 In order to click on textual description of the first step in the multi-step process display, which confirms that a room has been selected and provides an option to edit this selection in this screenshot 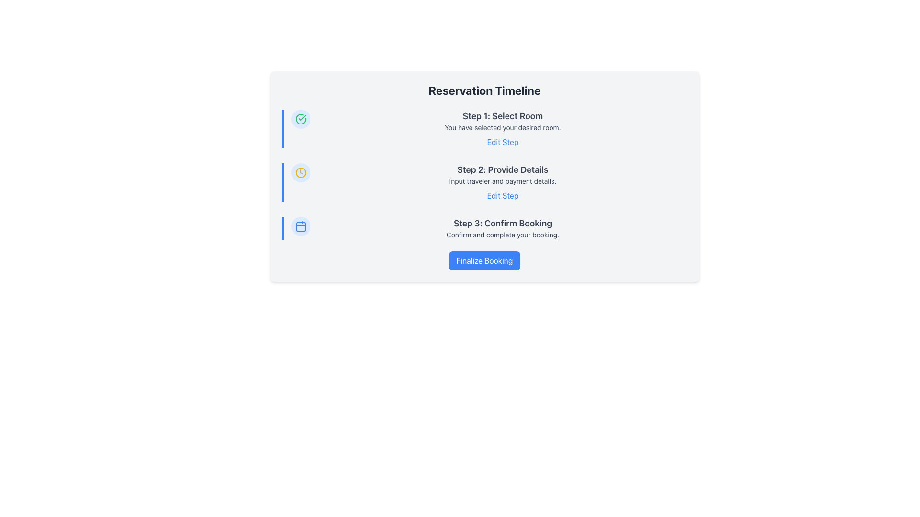, I will do `click(484, 128)`.